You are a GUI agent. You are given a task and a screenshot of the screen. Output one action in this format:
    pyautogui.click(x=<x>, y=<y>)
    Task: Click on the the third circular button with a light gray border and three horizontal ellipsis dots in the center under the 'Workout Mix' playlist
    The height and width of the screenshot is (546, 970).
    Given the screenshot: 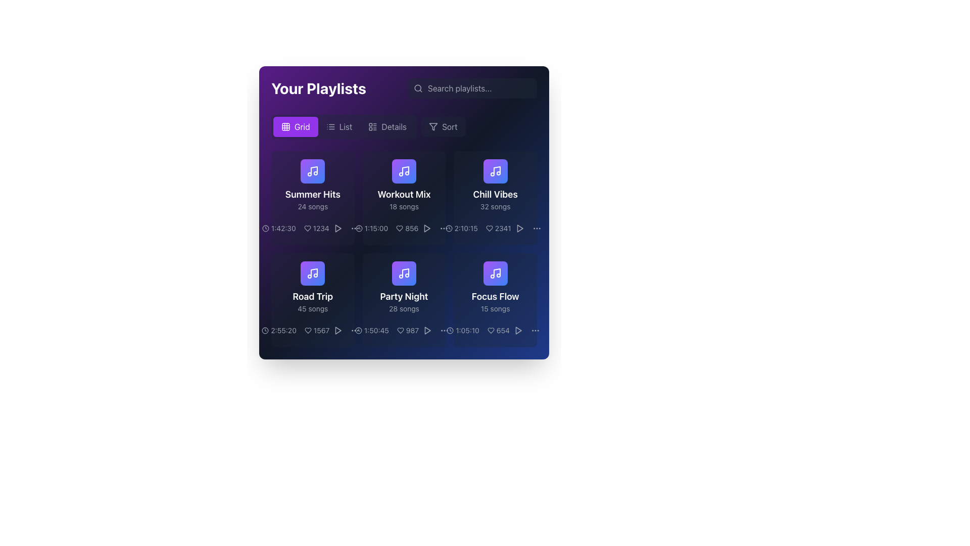 What is the action you would take?
    pyautogui.click(x=355, y=228)
    